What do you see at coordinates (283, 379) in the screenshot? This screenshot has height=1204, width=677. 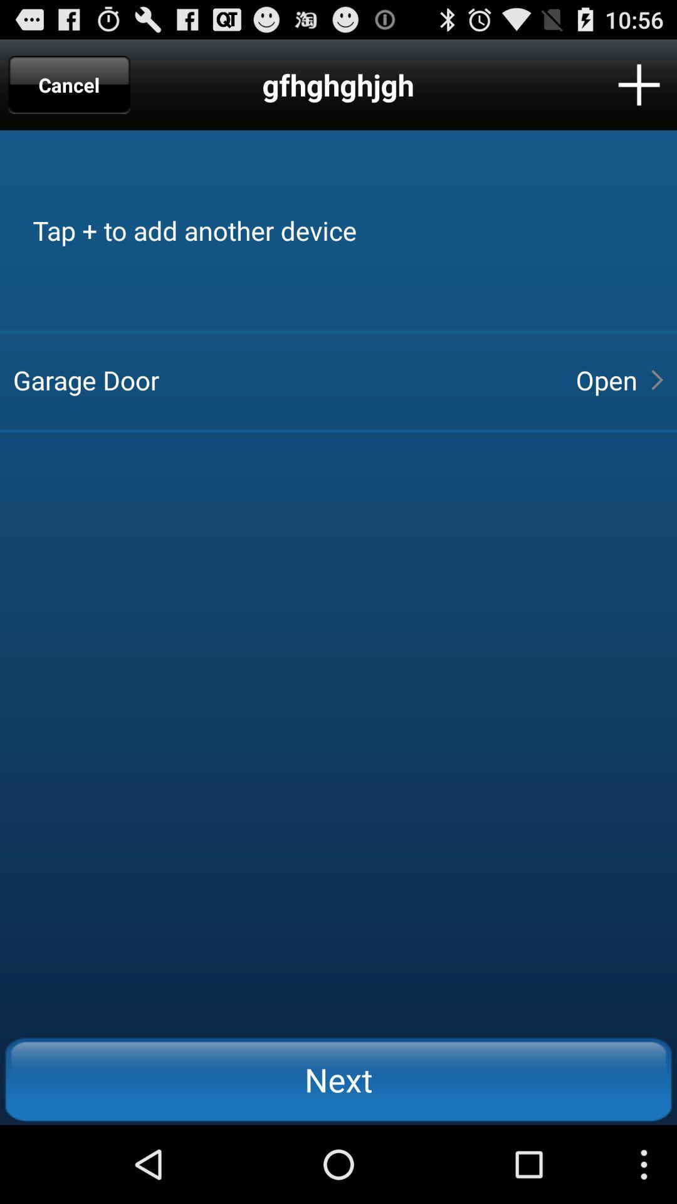 I see `item above the next button` at bounding box center [283, 379].